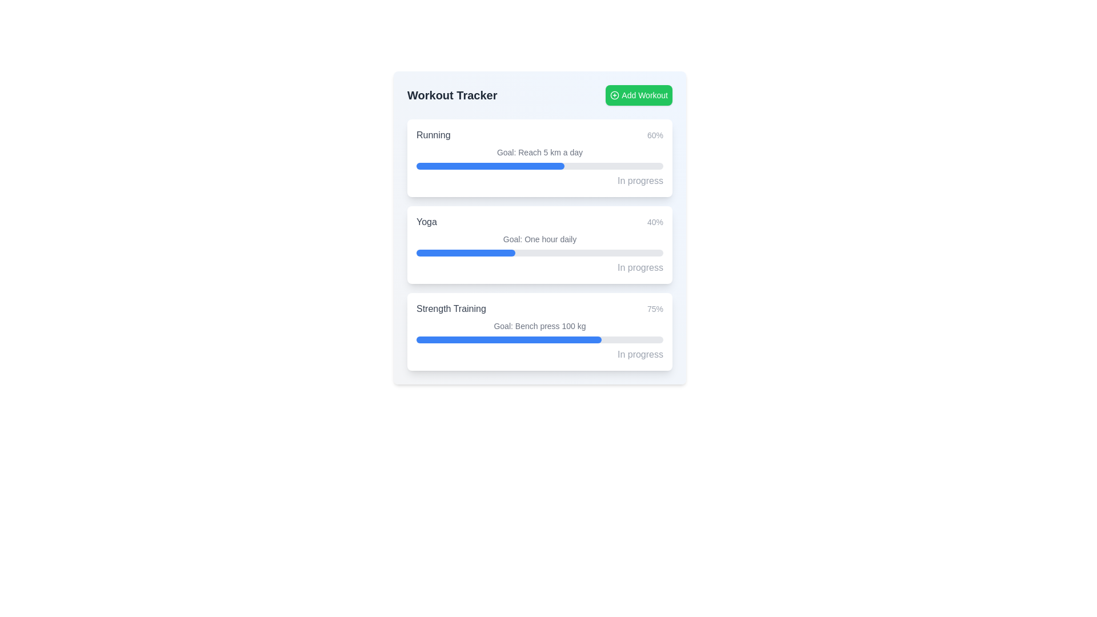 The width and height of the screenshot is (1097, 617). I want to click on the 'In progress' text label located in the bottom-right corner of the 'Yoga' activity card, which serves as a status indicator, so click(639, 267).